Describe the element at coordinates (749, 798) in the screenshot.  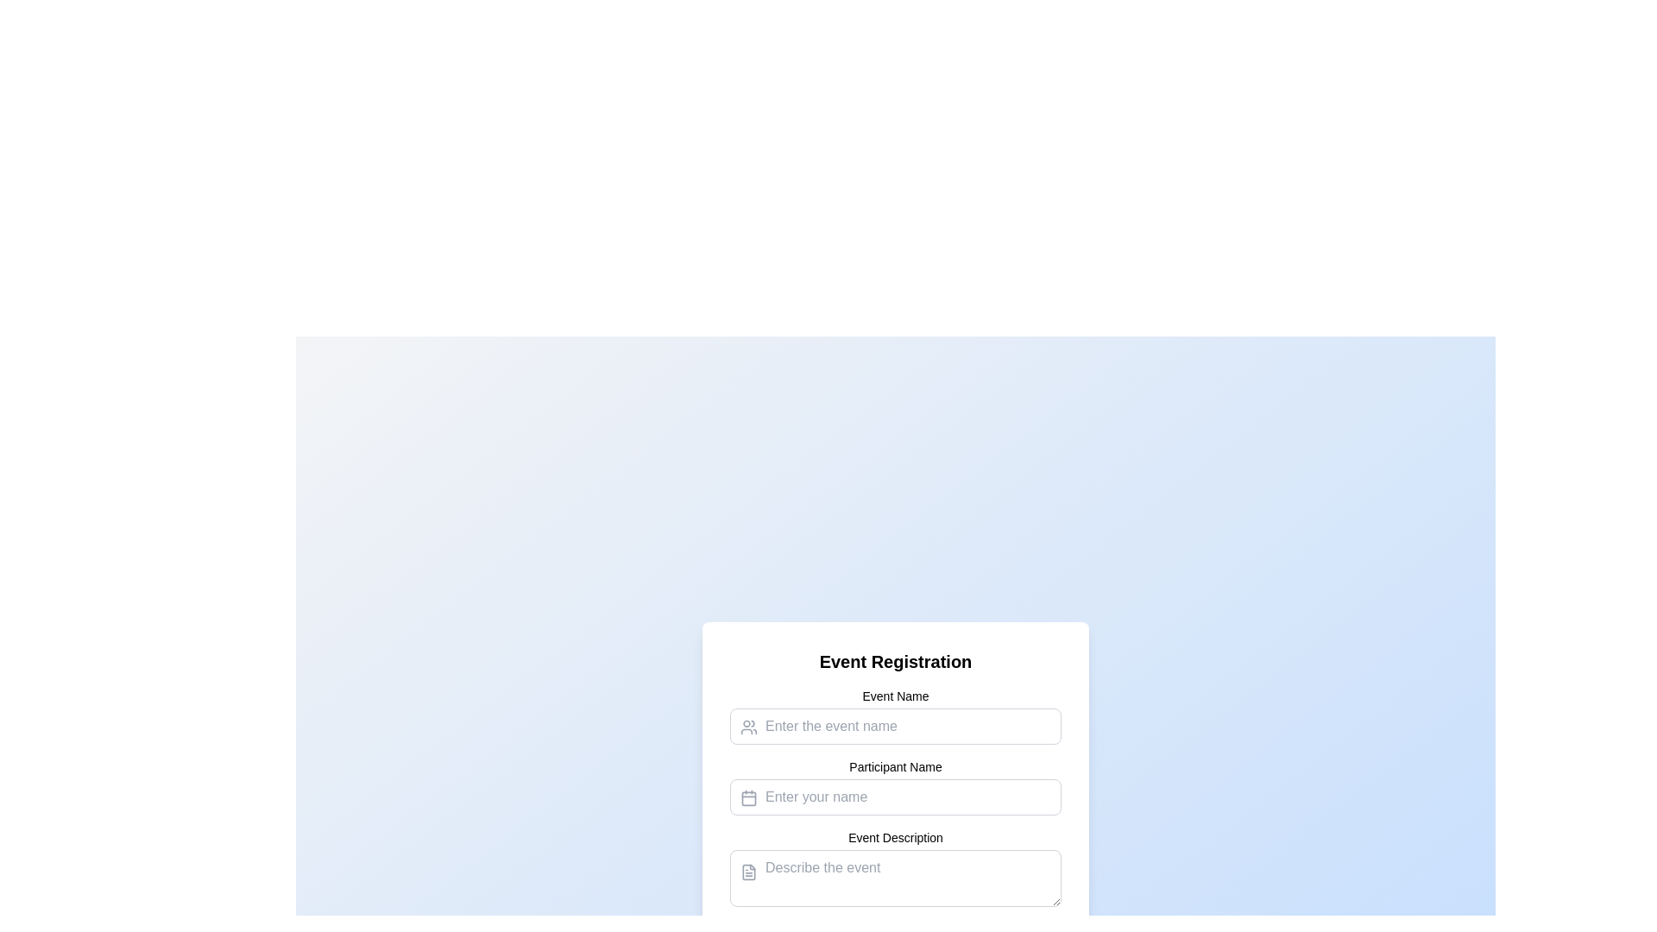
I see `the square-shaped decorative element within the calendar icon located adjacent to the 'Enter your name' placeholder text in the 'Event Registration' interface` at that location.